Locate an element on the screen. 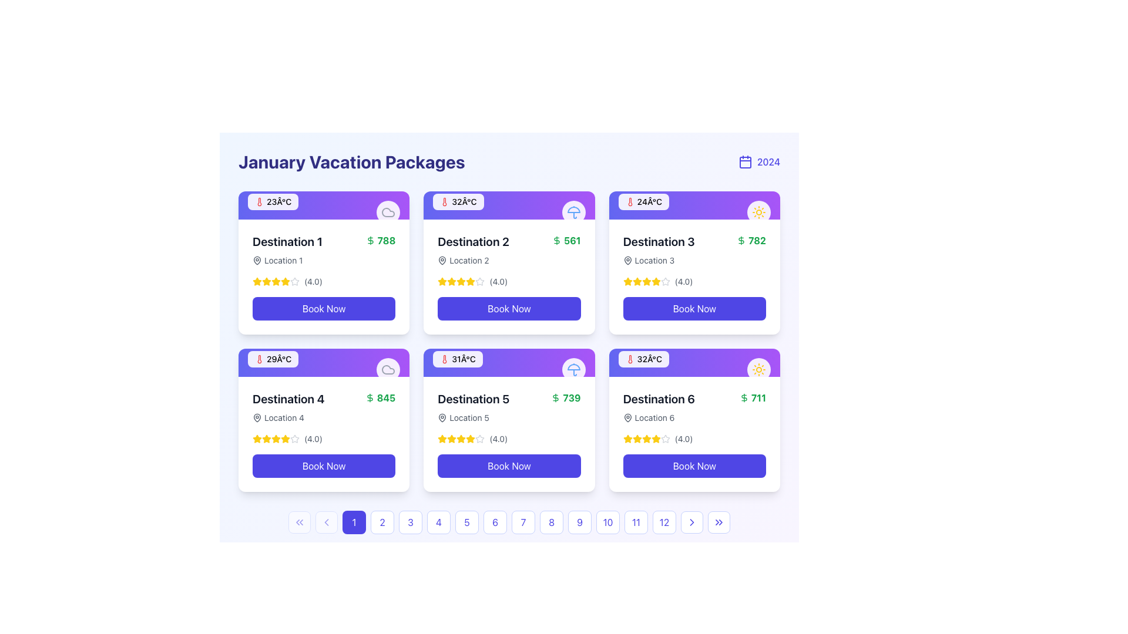  the red thermometer icon indicating high temperature on the 'Destination 6' card, located at the top-left corner adjacent to the displayed temperature of 32°C is located at coordinates (629, 359).